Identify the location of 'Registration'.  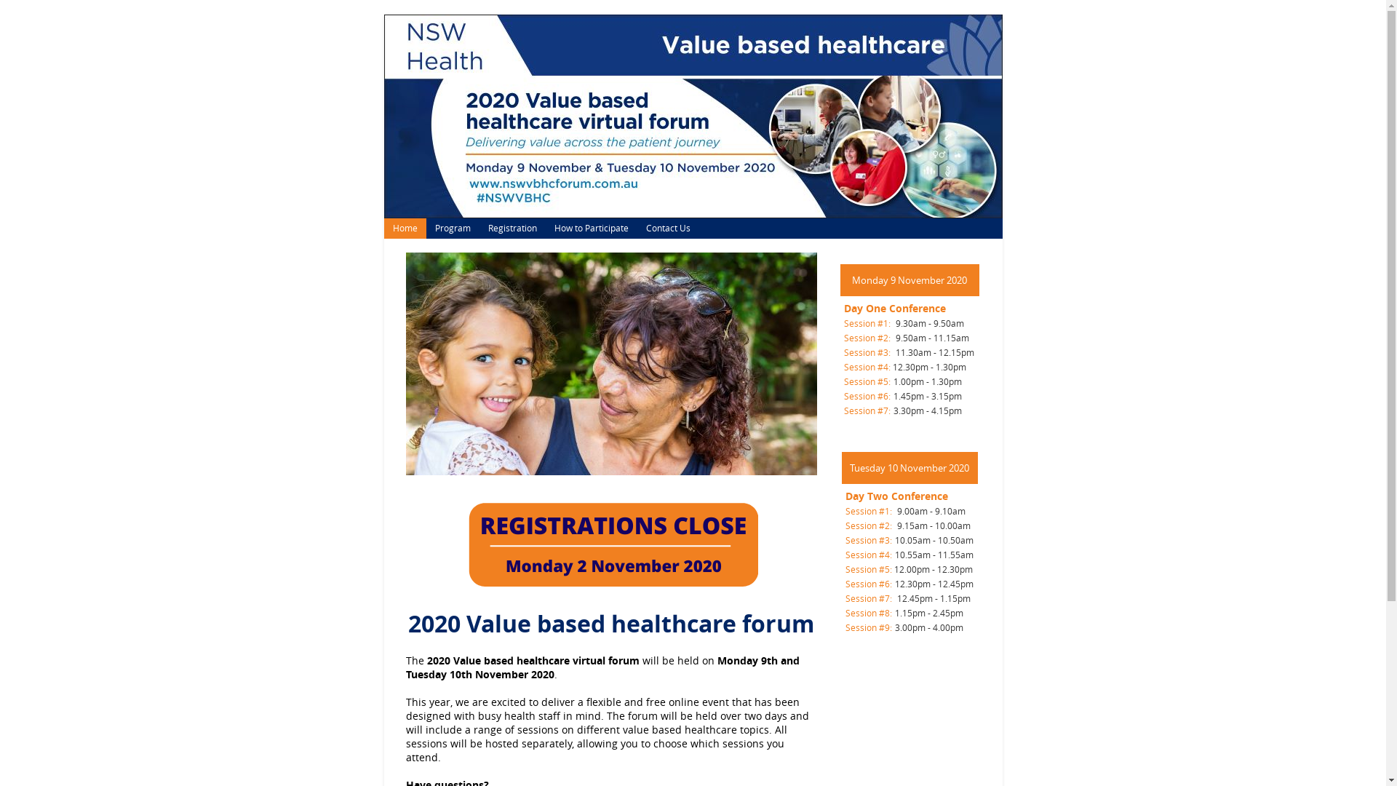
(512, 228).